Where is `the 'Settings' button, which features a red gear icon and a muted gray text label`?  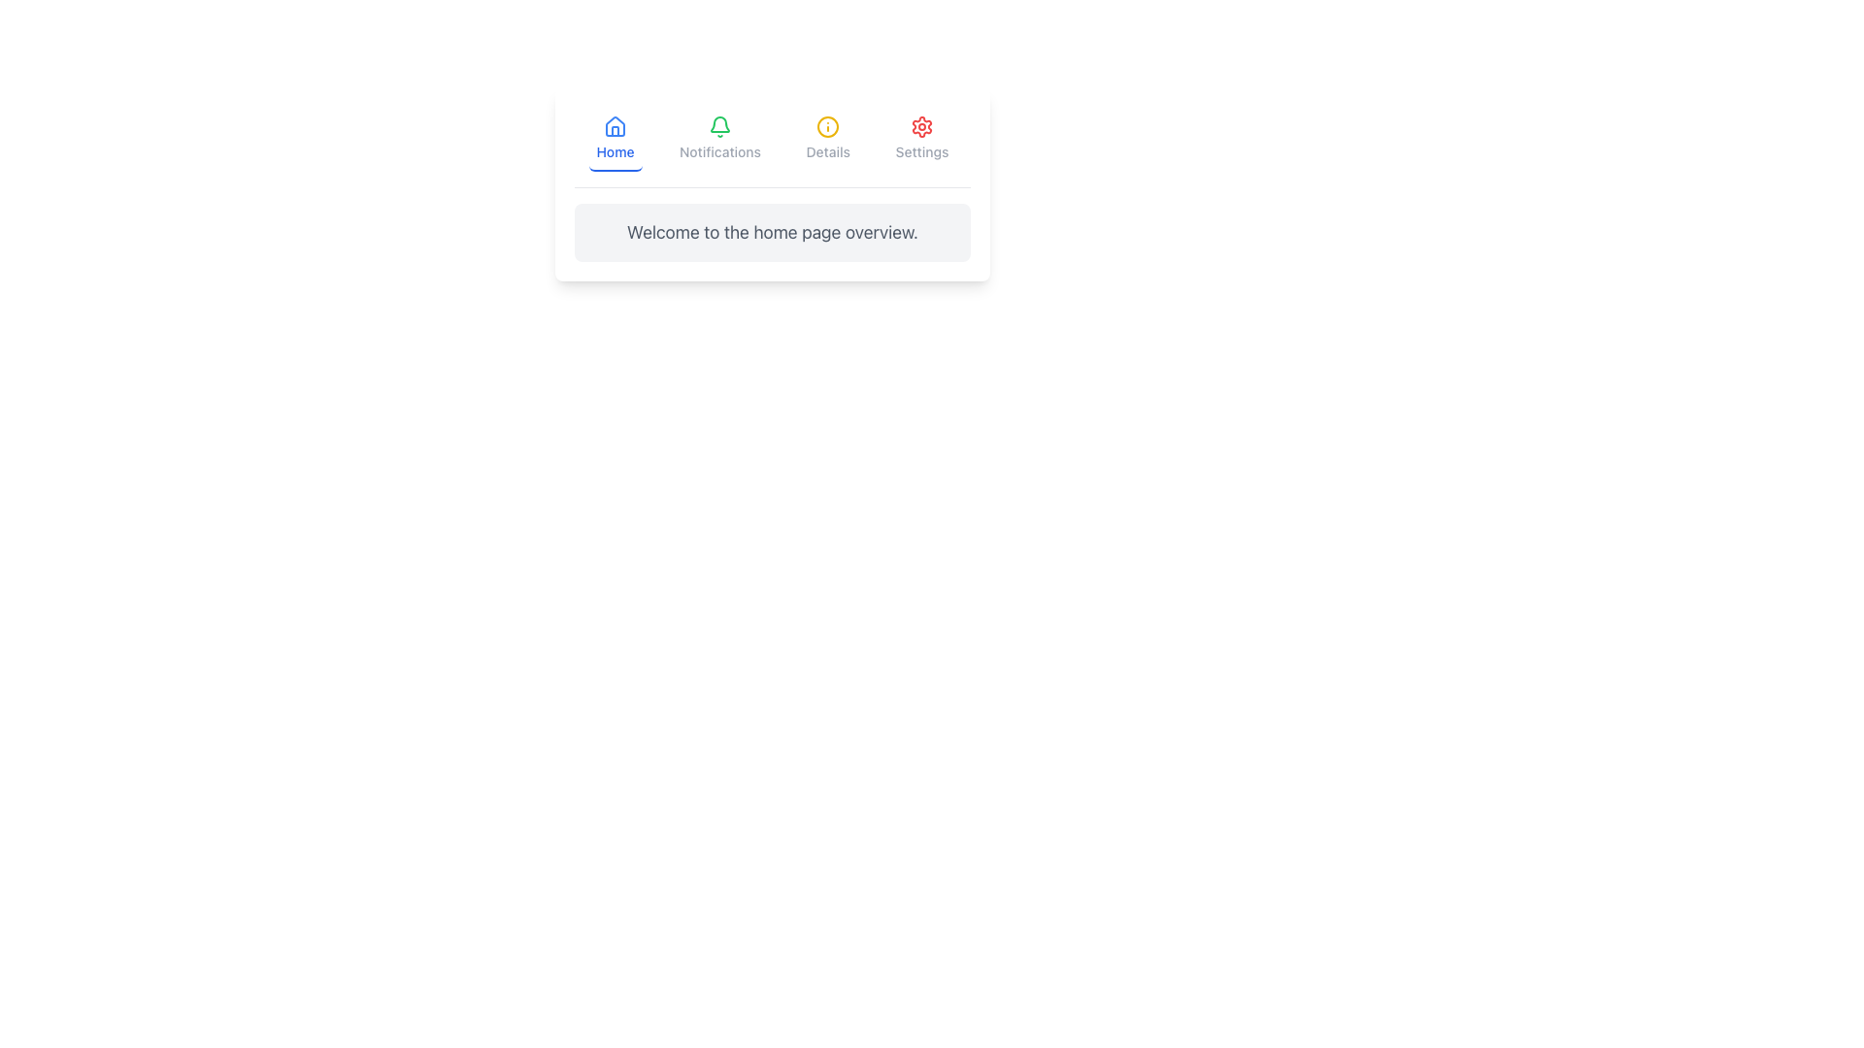 the 'Settings' button, which features a red gear icon and a muted gray text label is located at coordinates (921, 138).